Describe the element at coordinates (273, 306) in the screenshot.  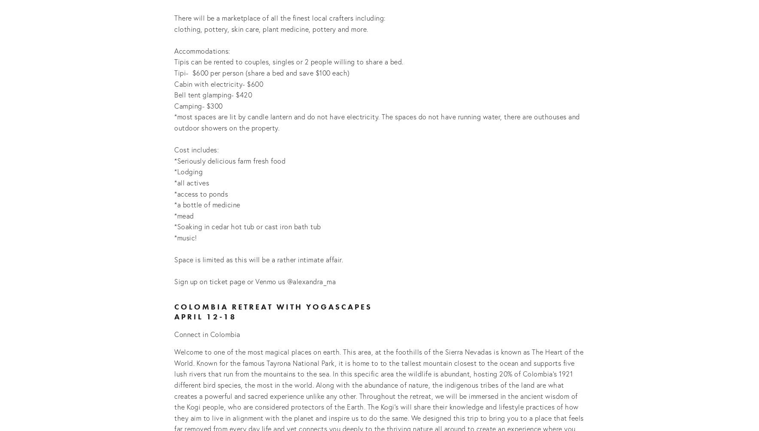
I see `'Colombia Retreat with YogaScapes'` at that location.